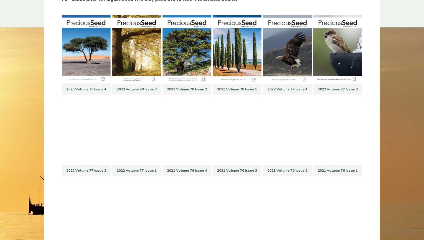 The width and height of the screenshot is (424, 240). Describe the element at coordinates (234, 198) in the screenshot. I see `'Precious Seed is a charity for the furtherance of evangelical Christianity and to promote, support, and undertake such activities in the United Kingdom and worldwide as are consistent with its Trust deed. Its charity number is 326157.'` at that location.